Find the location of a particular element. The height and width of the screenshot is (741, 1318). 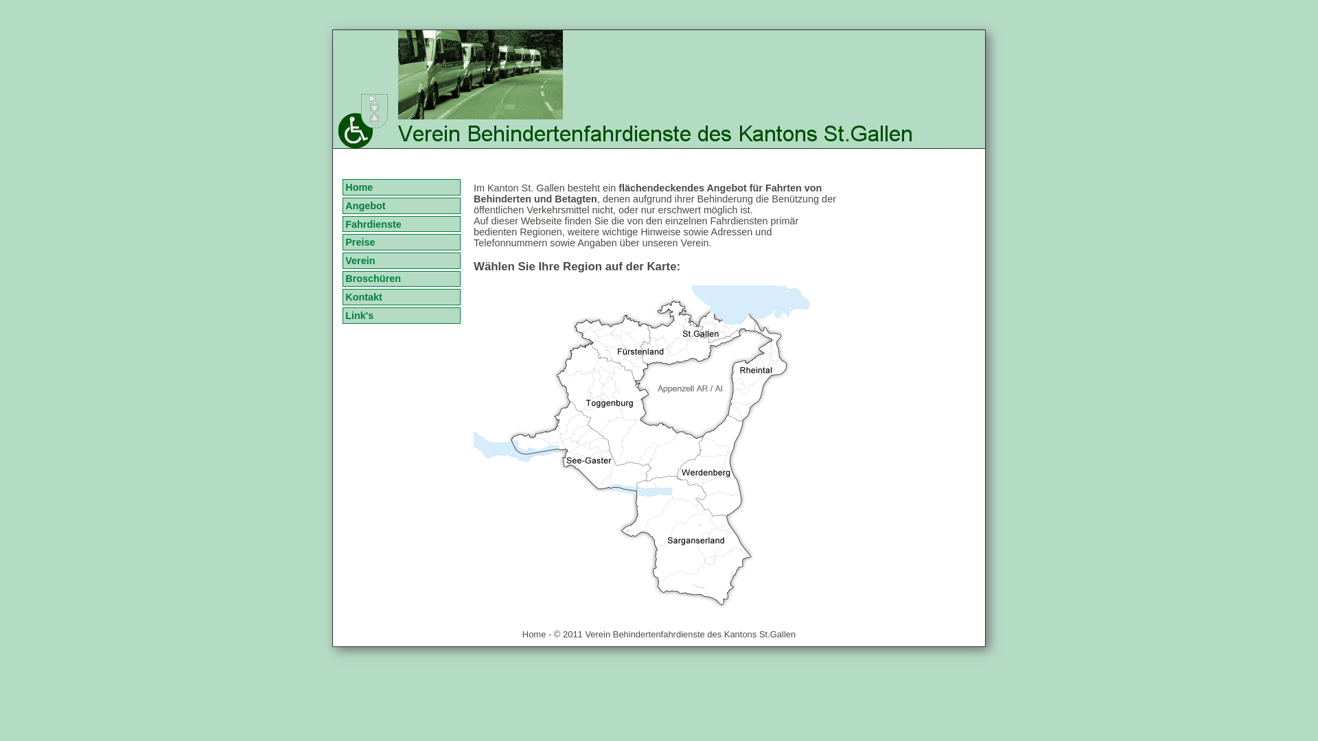

'Verein' is located at coordinates (400, 261).